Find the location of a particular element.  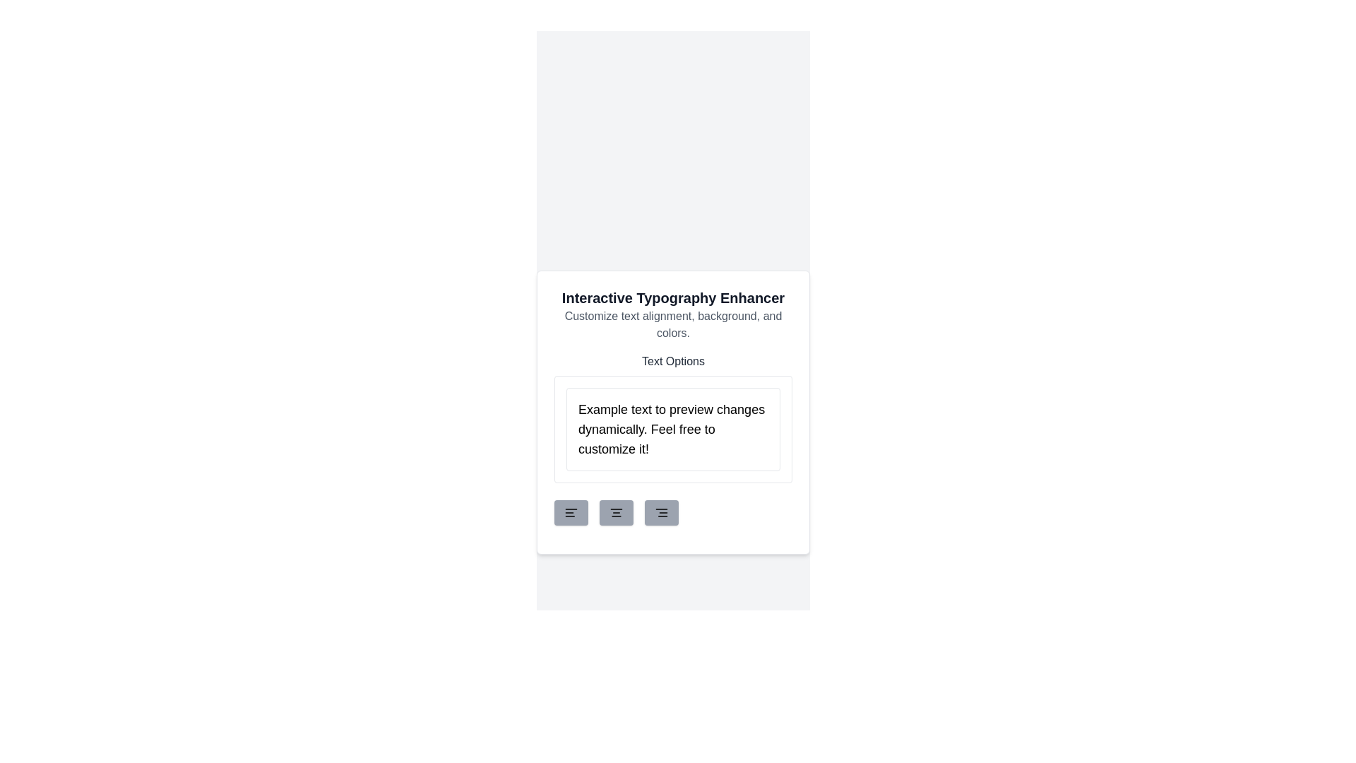

the static text block that displays preview text, located below the 'Text Options' heading in the central region of the interface is located at coordinates (672, 429).